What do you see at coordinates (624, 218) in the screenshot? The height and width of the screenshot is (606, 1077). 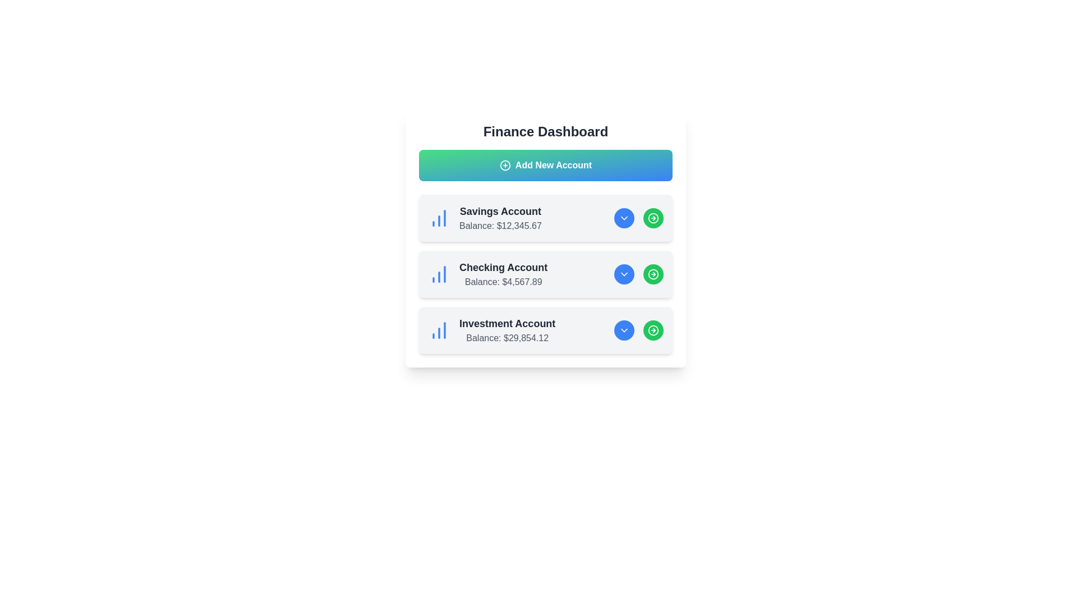 I see `the dropdown icon next to the Savings Account account to expand its details` at bounding box center [624, 218].